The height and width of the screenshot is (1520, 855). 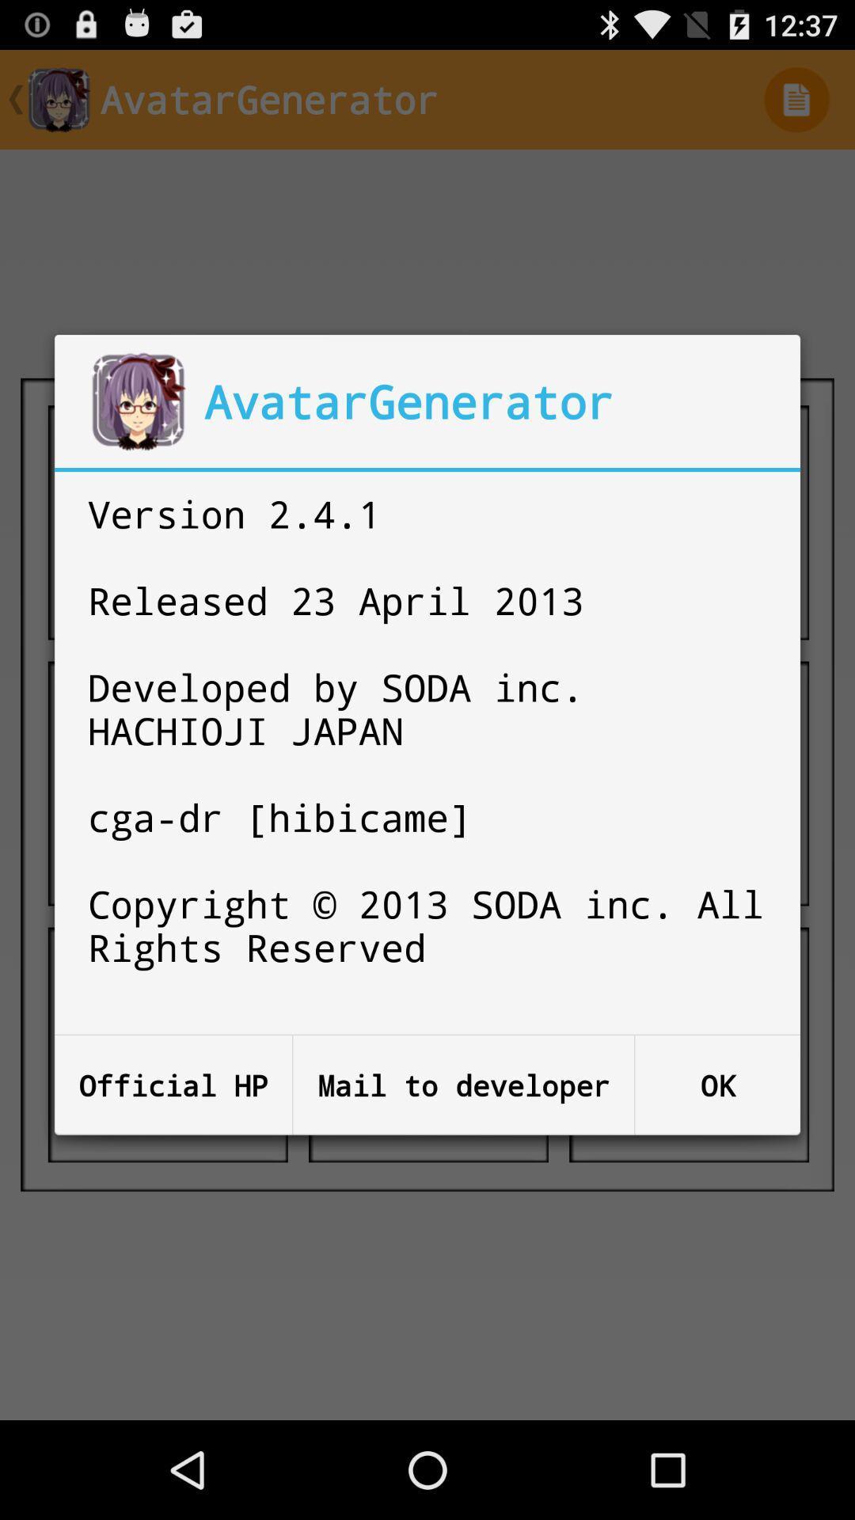 What do you see at coordinates (463, 1085) in the screenshot?
I see `the item to the right of the official hp button` at bounding box center [463, 1085].